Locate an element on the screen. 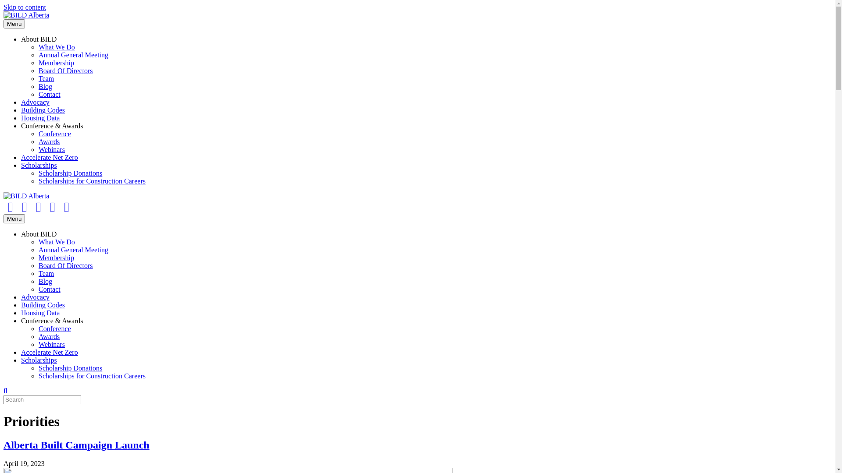 The image size is (842, 473). 'Advocacy' is located at coordinates (35, 297).